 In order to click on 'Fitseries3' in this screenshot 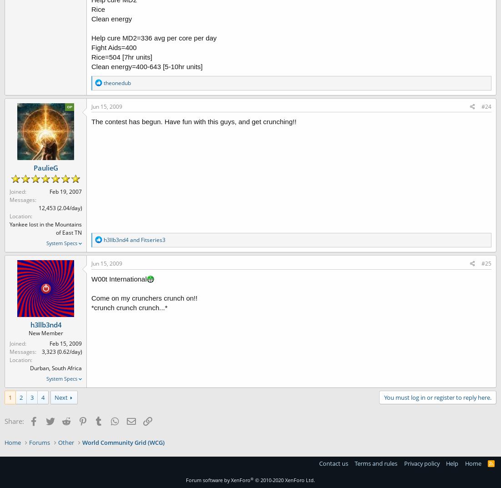, I will do `click(152, 239)`.